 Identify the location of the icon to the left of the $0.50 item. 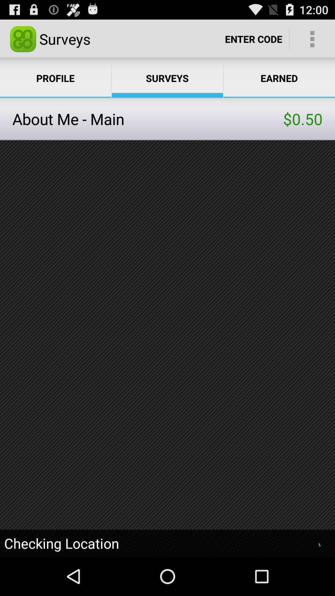
(148, 119).